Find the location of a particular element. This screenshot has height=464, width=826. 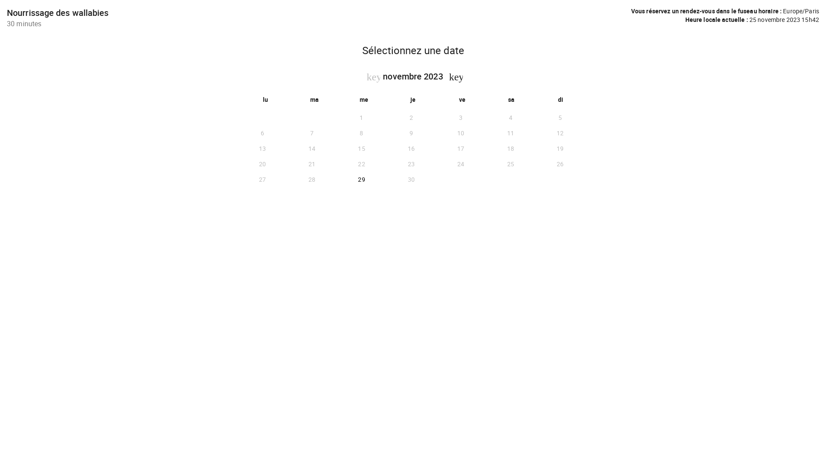

'7' is located at coordinates (311, 133).